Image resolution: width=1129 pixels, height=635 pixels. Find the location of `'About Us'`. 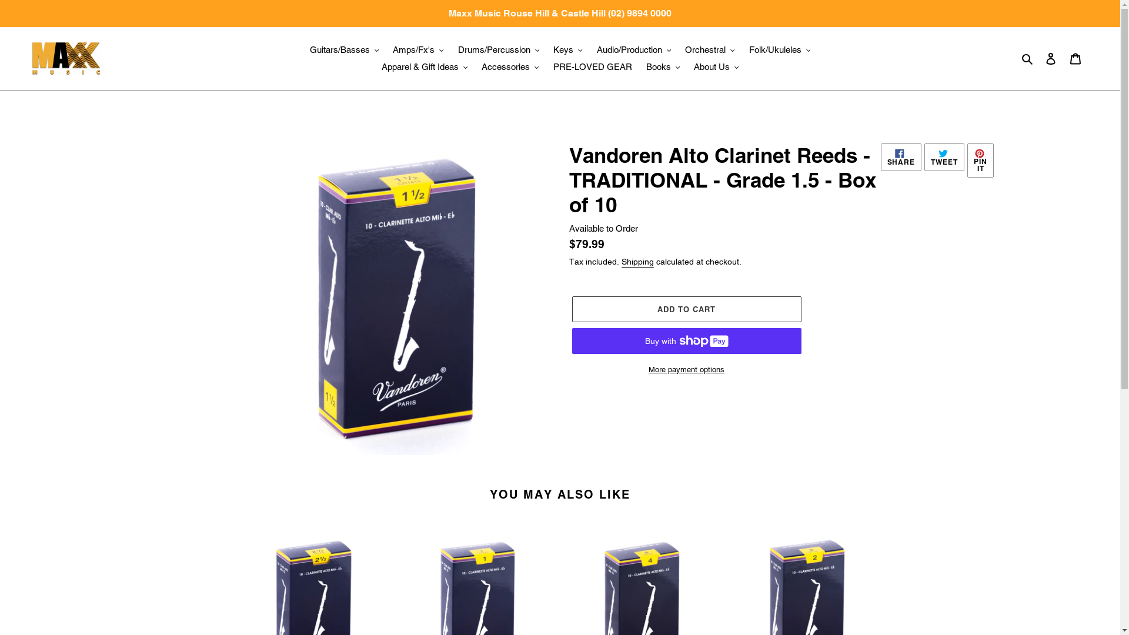

'About Us' is located at coordinates (716, 67).